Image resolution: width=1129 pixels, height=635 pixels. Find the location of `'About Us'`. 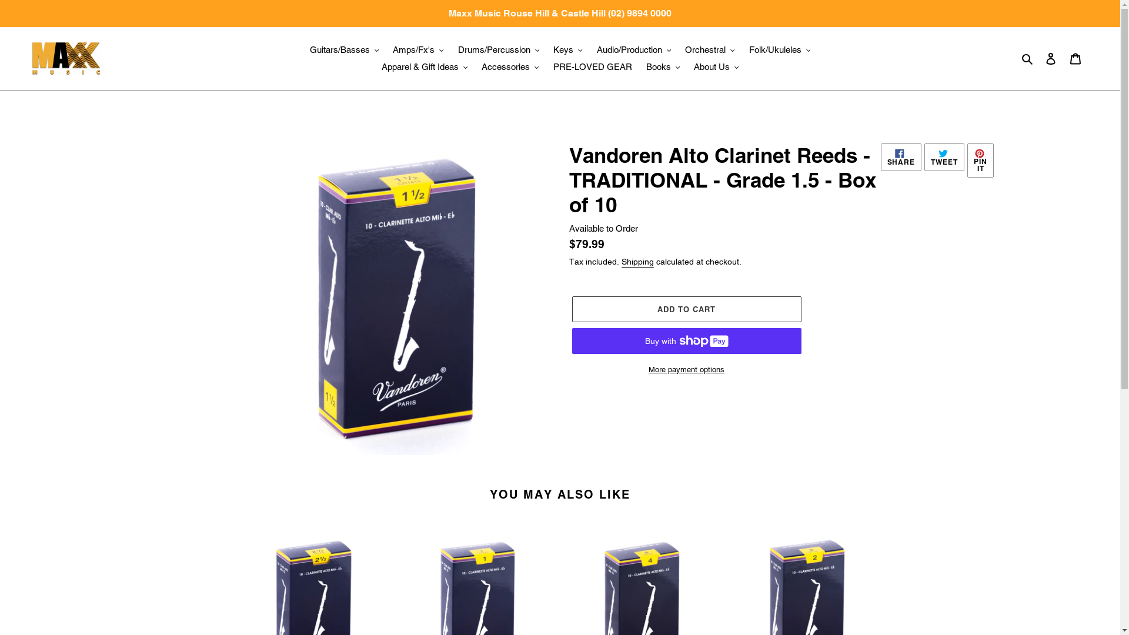

'About Us' is located at coordinates (716, 67).